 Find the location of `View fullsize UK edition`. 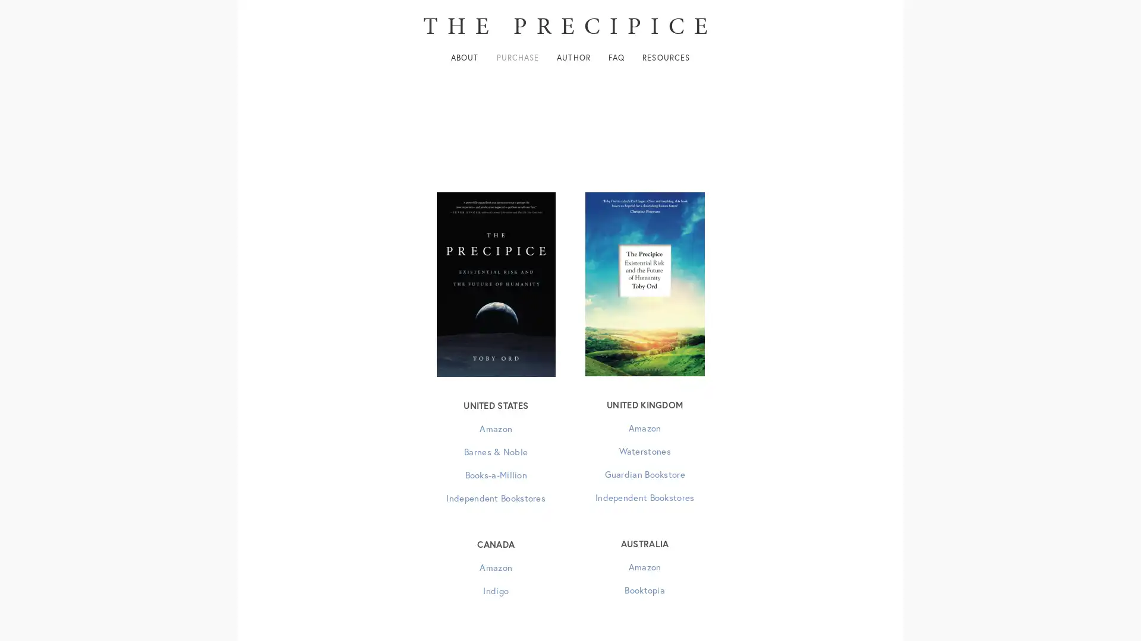

View fullsize UK edition is located at coordinates (644, 284).